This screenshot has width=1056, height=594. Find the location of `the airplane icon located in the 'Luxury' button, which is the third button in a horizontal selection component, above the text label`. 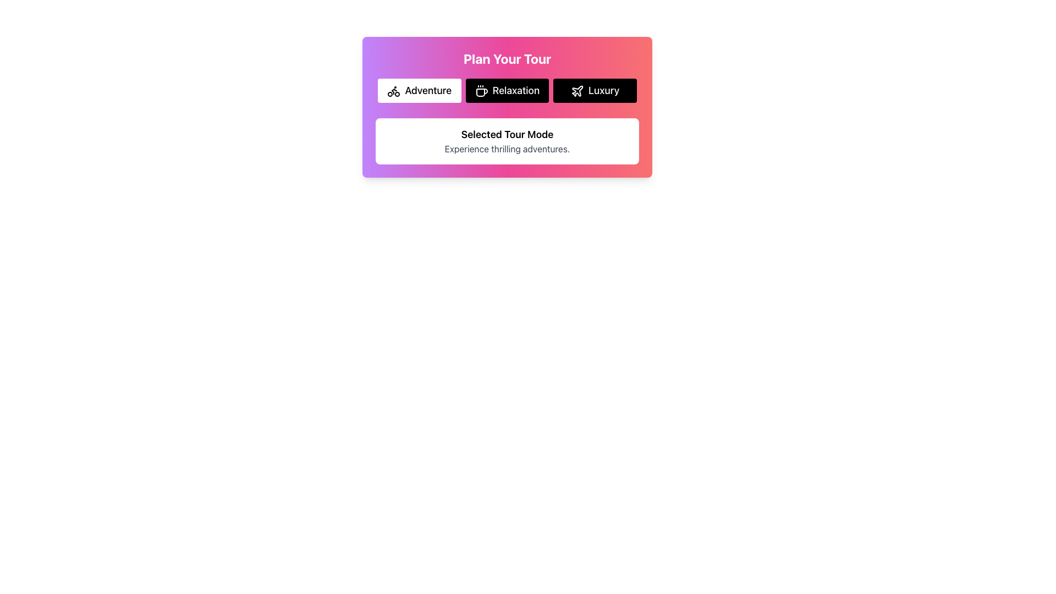

the airplane icon located in the 'Luxury' button, which is the third button in a horizontal selection component, above the text label is located at coordinates (577, 91).